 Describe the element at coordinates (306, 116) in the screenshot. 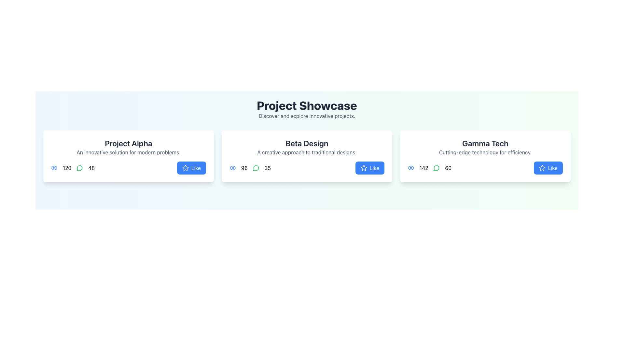

I see `the static text displaying 'Discover and explore innovative projects.' which is located beneath the 'Project Showcase' heading` at that location.